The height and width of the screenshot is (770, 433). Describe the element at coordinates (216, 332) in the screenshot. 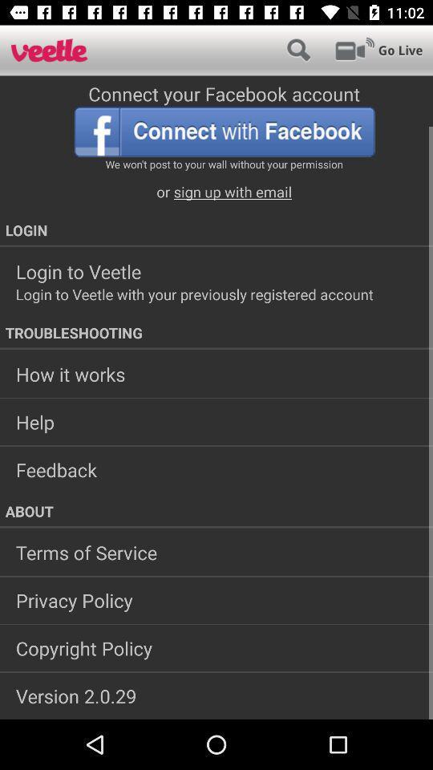

I see `troubleshooting app` at that location.